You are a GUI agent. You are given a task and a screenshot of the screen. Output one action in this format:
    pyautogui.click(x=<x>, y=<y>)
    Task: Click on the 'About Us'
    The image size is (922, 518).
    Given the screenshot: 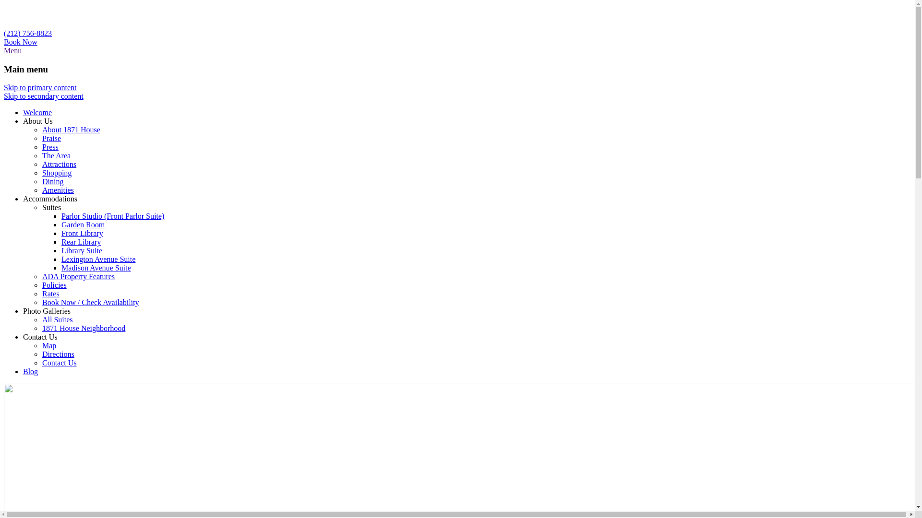 What is the action you would take?
    pyautogui.click(x=37, y=120)
    